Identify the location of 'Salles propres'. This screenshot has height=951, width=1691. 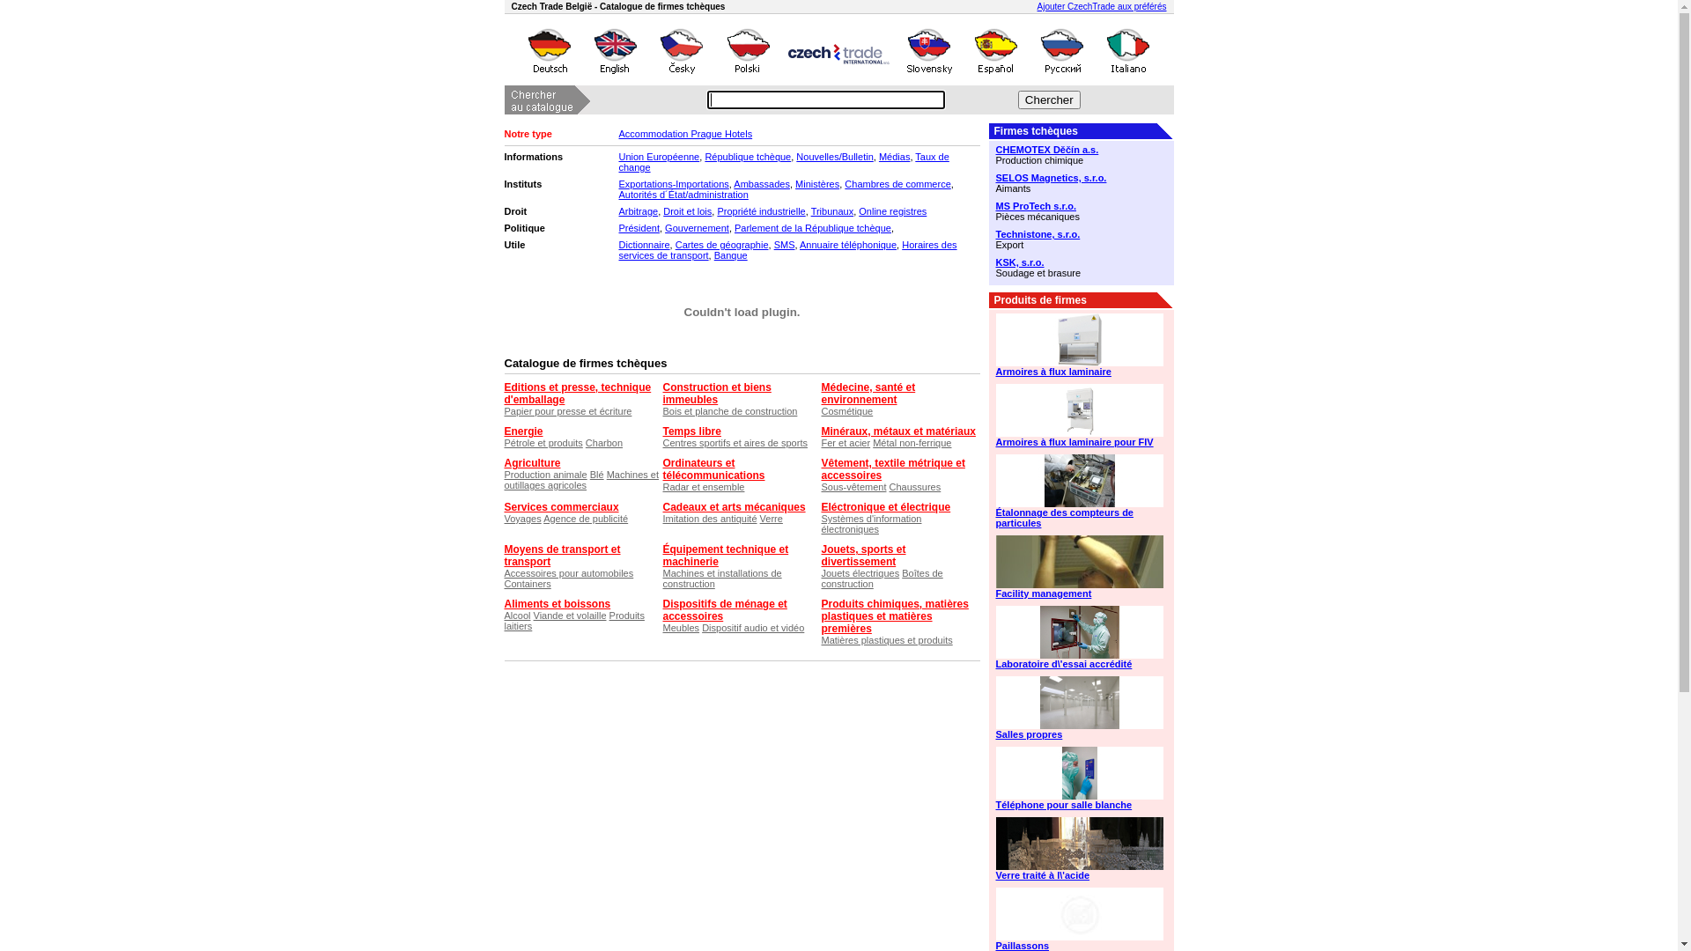
(1080, 734).